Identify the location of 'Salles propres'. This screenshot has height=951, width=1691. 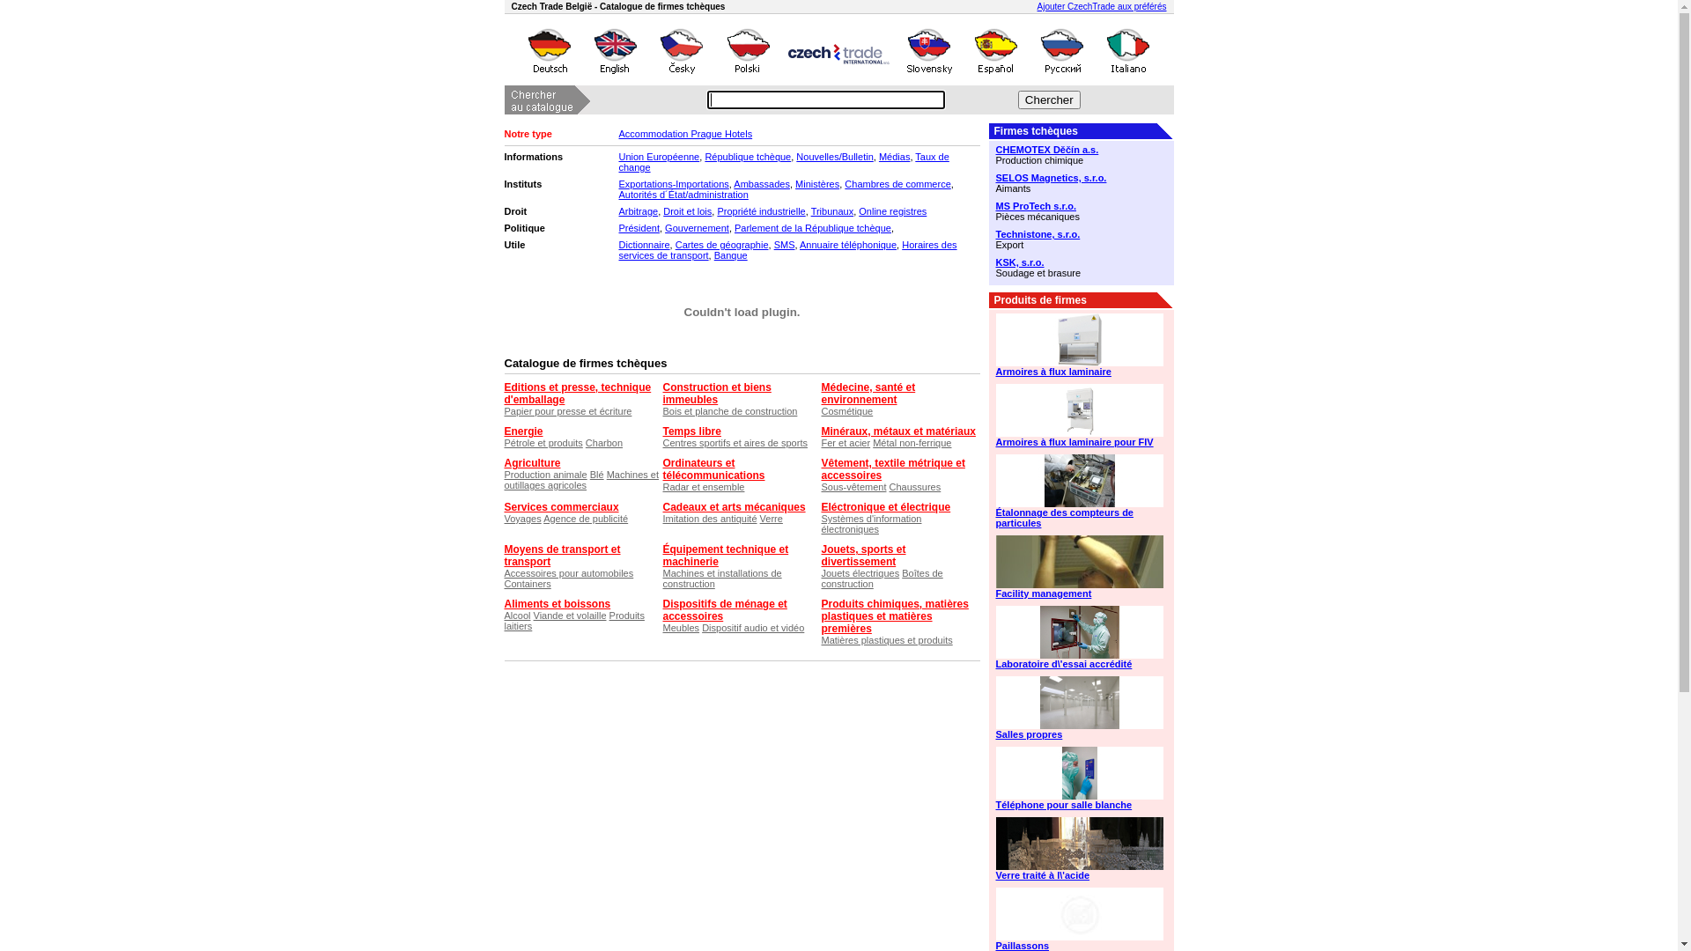
(1080, 734).